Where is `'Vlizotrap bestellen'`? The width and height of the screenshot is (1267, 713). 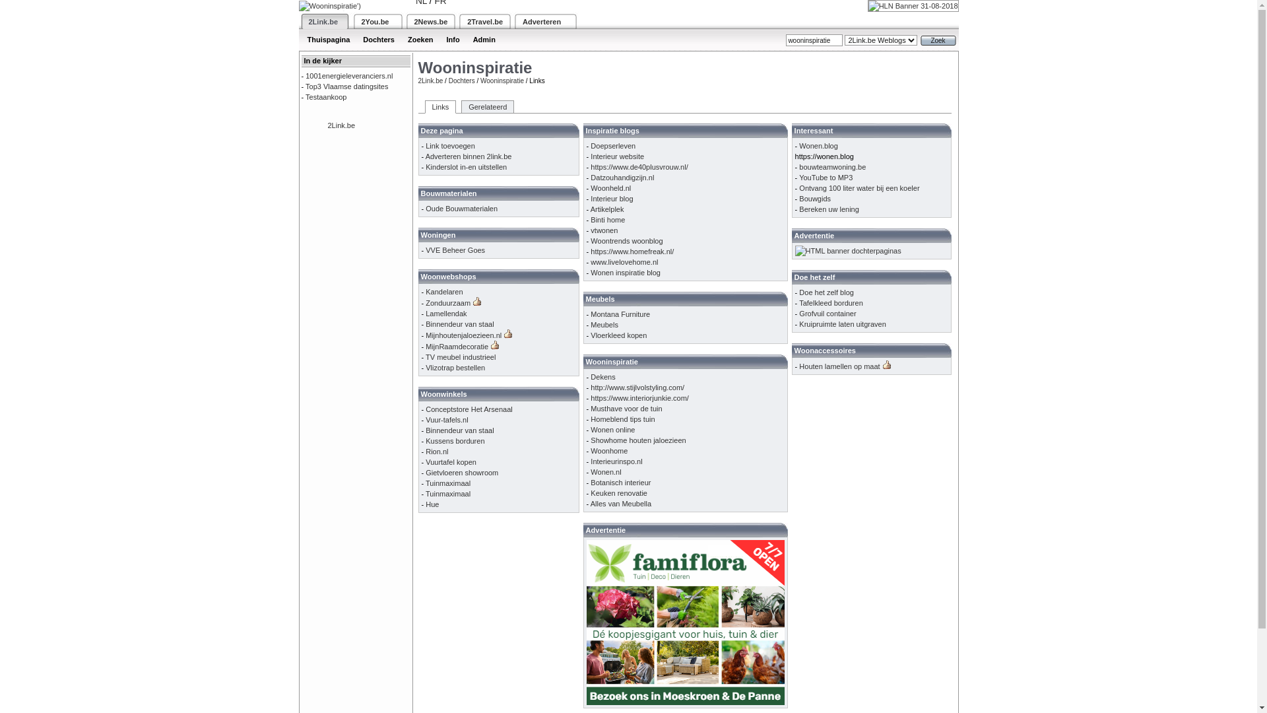 'Vlizotrap bestellen' is located at coordinates (455, 367).